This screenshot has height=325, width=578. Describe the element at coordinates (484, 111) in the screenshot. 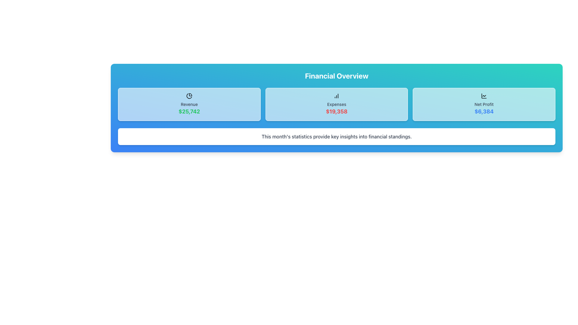

I see `the static text display that shows the numerical representation of the net profit, which is located below the 'Net Profit' label in the financial overview card on the rightmost panel` at that location.